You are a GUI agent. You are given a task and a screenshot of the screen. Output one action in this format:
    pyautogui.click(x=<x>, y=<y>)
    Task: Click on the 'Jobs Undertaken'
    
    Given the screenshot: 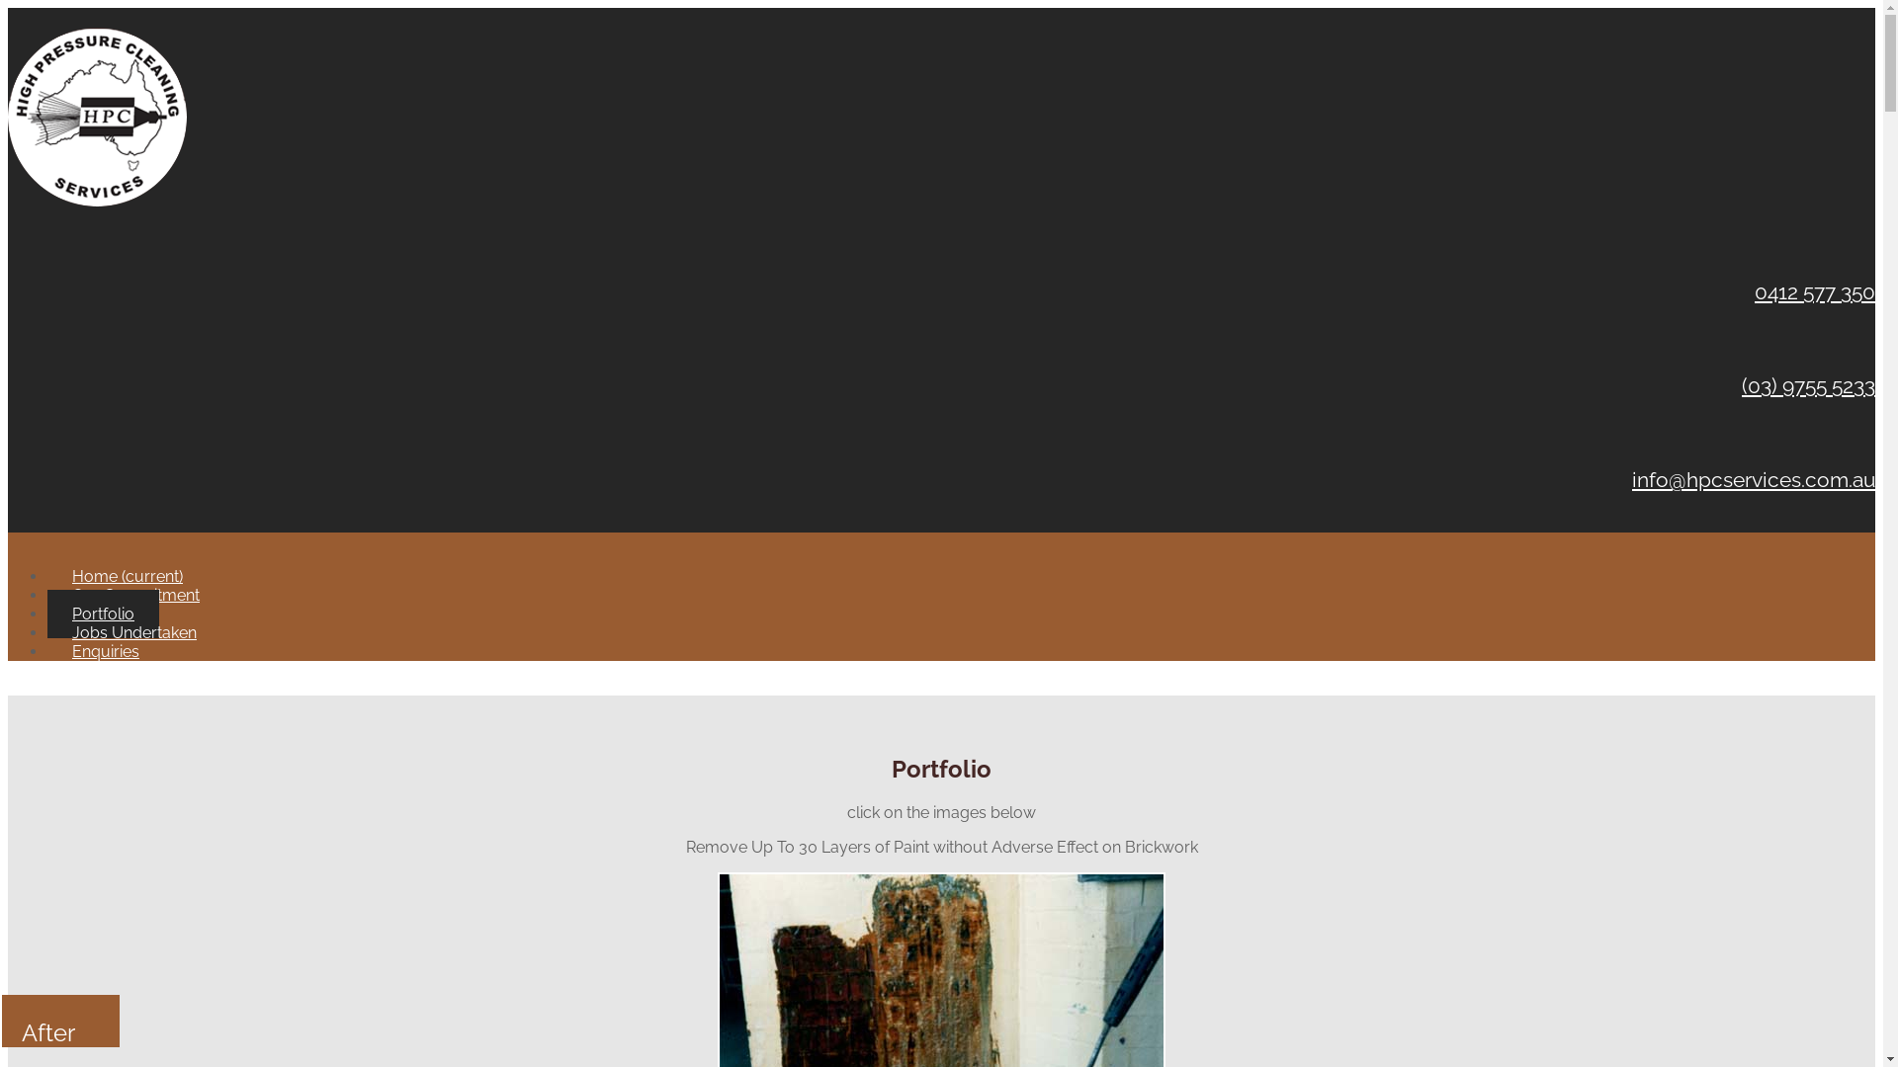 What is the action you would take?
    pyautogui.click(x=132, y=632)
    